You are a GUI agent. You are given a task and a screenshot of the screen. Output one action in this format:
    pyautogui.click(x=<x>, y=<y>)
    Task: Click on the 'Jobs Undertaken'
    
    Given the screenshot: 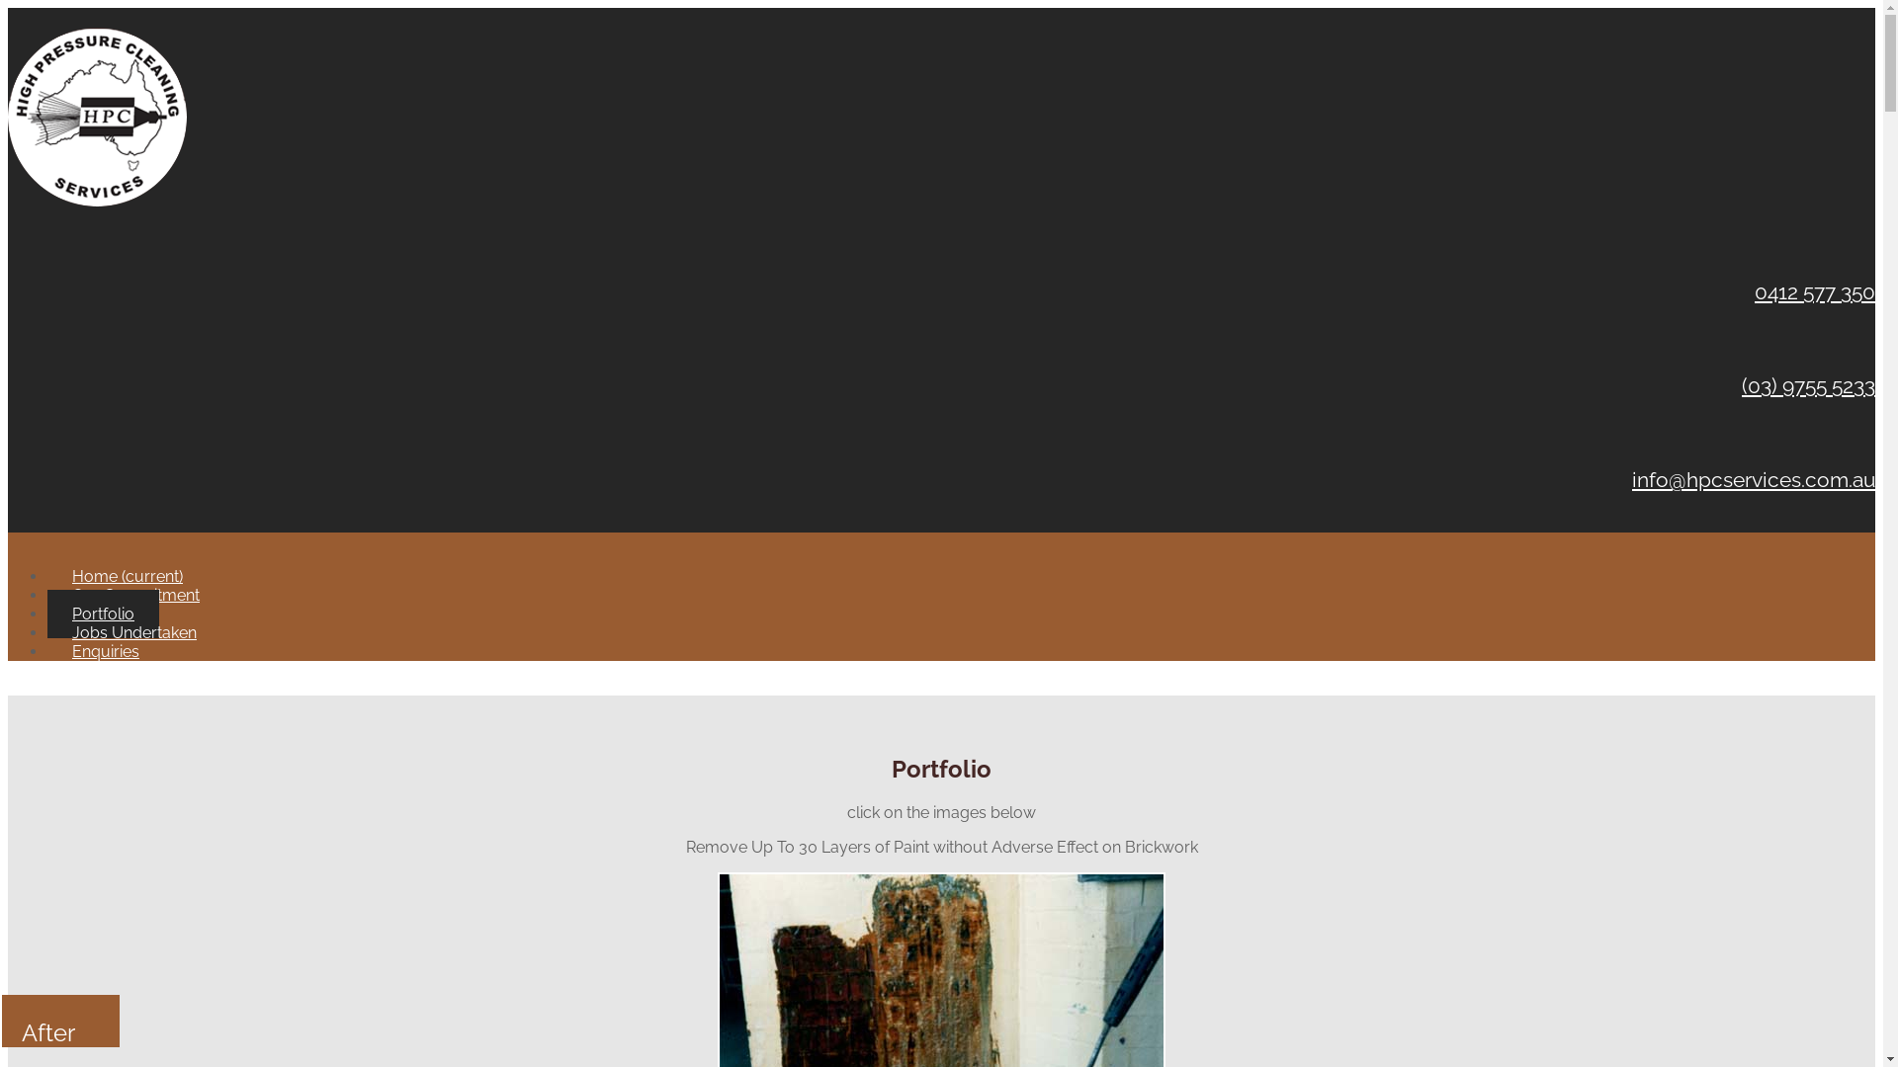 What is the action you would take?
    pyautogui.click(x=132, y=632)
    